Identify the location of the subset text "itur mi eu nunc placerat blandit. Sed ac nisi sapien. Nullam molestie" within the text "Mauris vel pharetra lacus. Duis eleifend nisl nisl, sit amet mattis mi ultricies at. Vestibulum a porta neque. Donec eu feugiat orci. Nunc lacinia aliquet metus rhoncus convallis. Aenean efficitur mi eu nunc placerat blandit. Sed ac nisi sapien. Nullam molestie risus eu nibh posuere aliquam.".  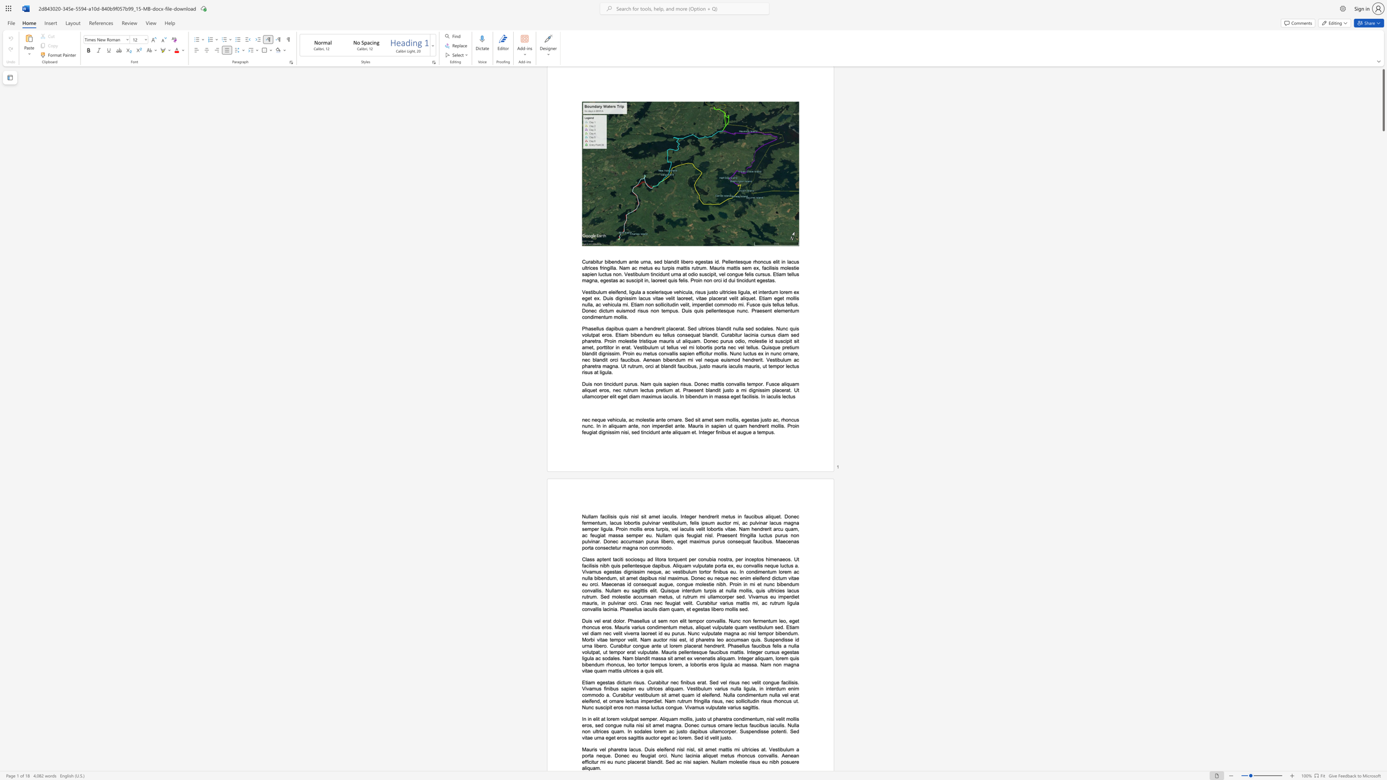
(591, 762).